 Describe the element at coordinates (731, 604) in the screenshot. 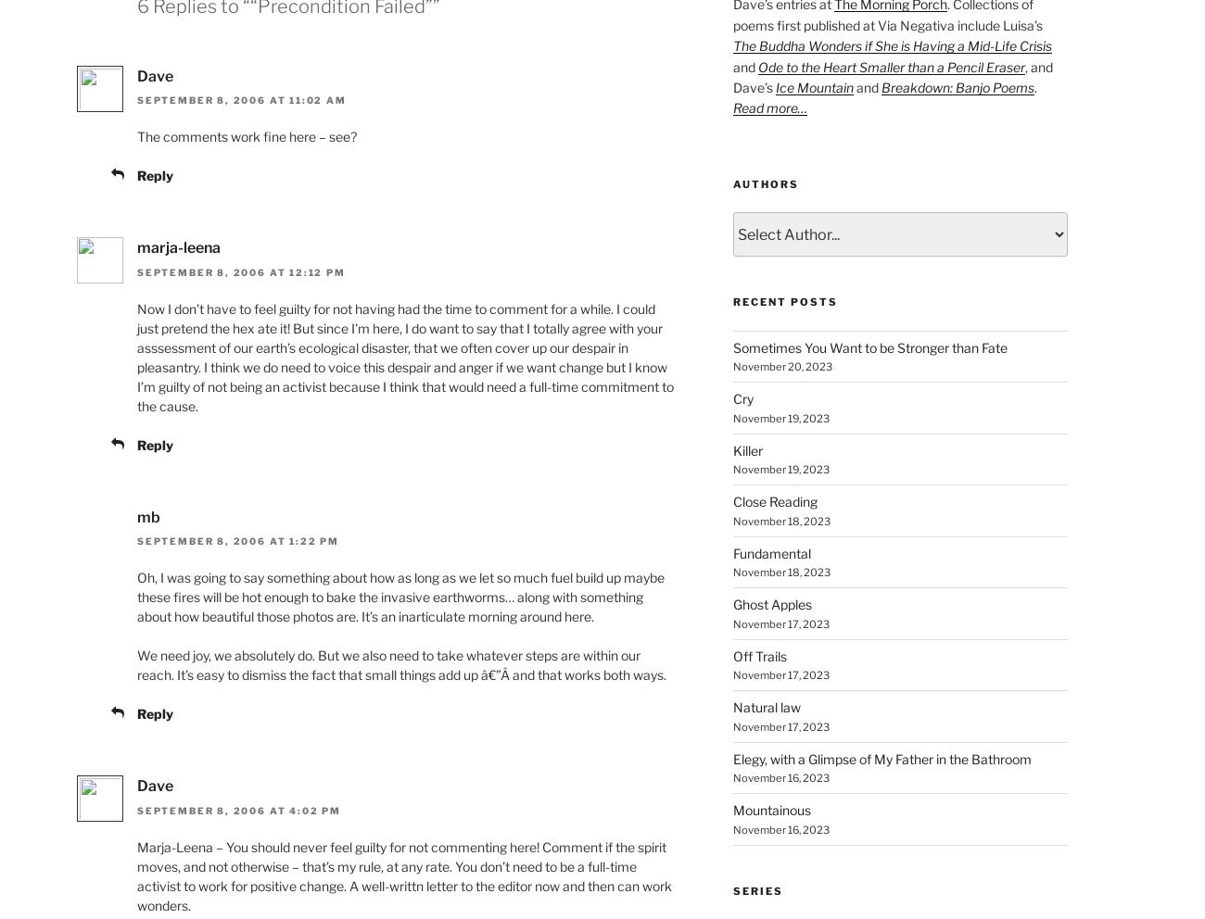

I see `'Ghost Apples'` at that location.